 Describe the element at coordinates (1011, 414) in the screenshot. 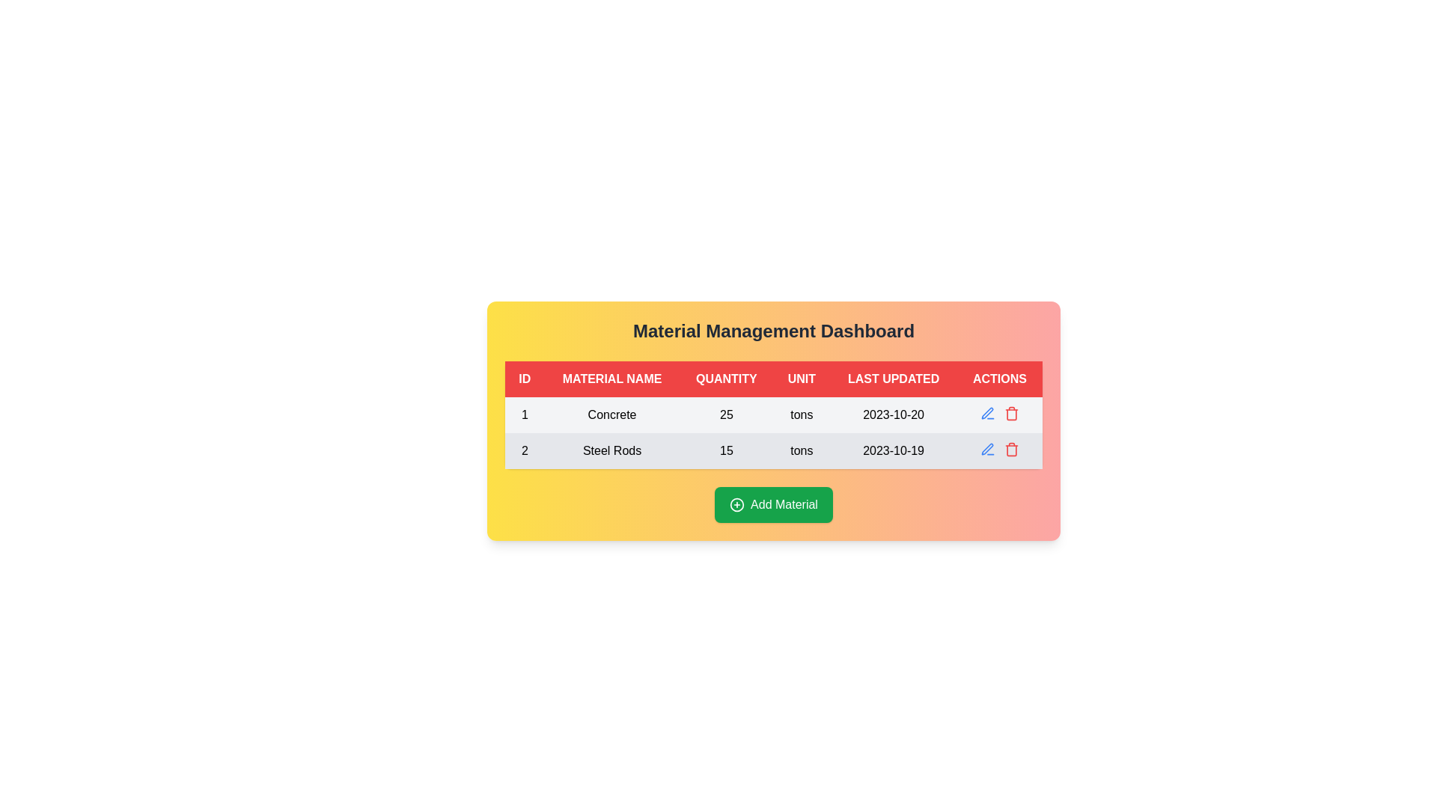

I see `the Trash Can Body icon, which is the middle part of the trash can, located between the top line and the lid` at that location.